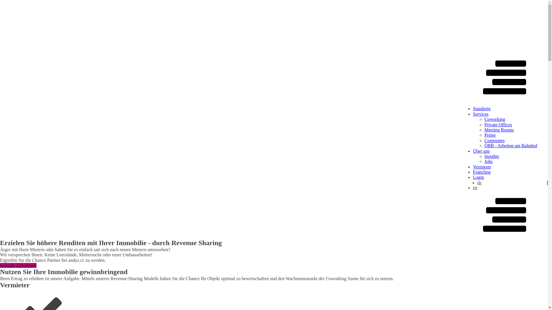 Image resolution: width=552 pixels, height=310 pixels. I want to click on 'de', so click(477, 183).